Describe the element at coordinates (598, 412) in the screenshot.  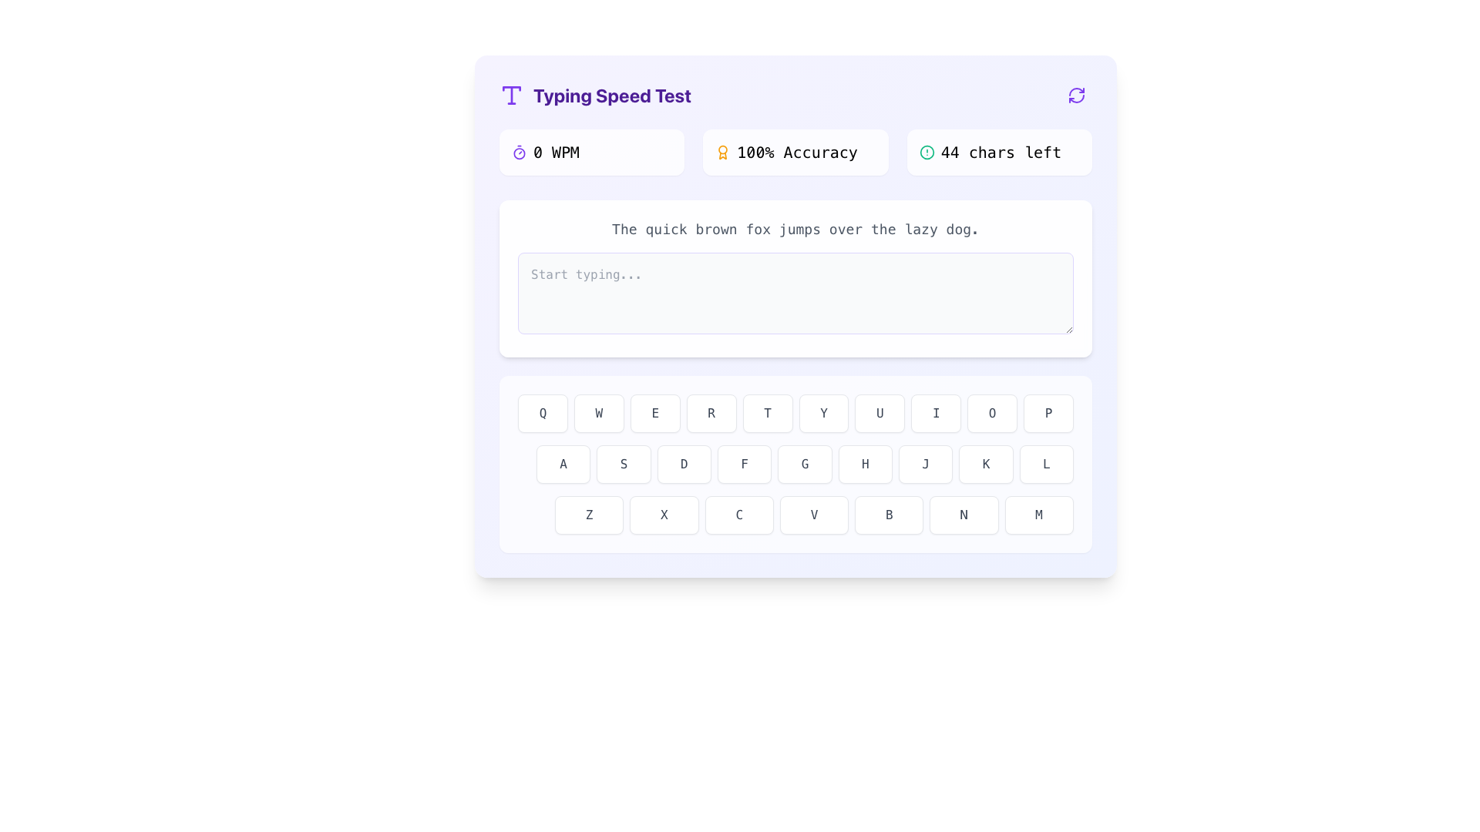
I see `the 'W' key on the virtual keyboard to simulate typing 'W'` at that location.